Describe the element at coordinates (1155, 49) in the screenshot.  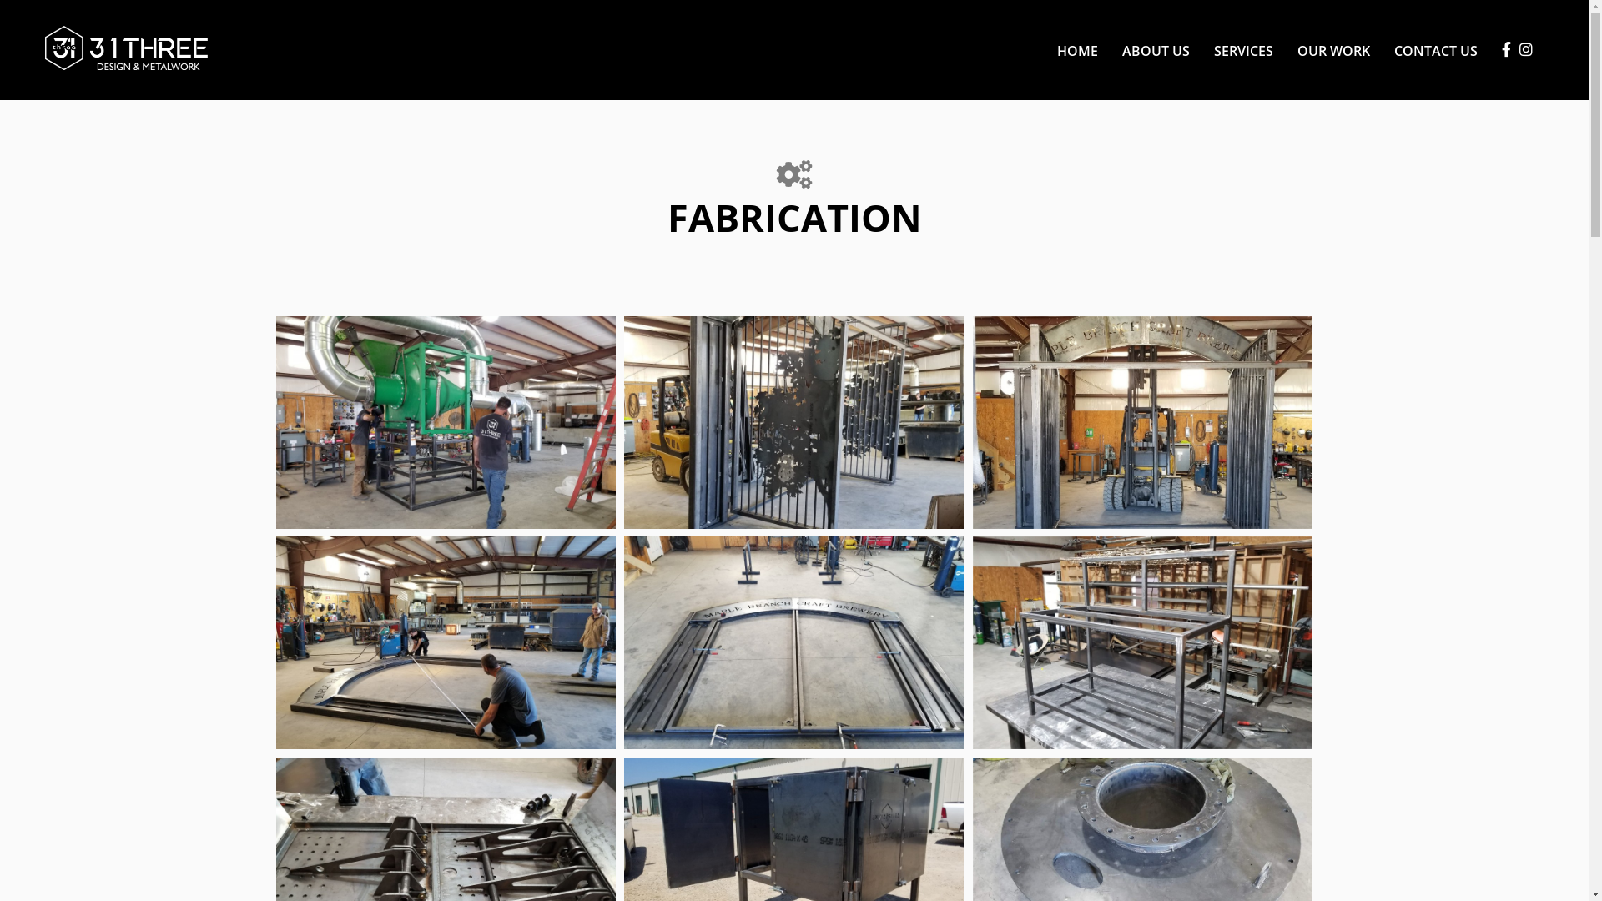
I see `'ABOUT US'` at that location.